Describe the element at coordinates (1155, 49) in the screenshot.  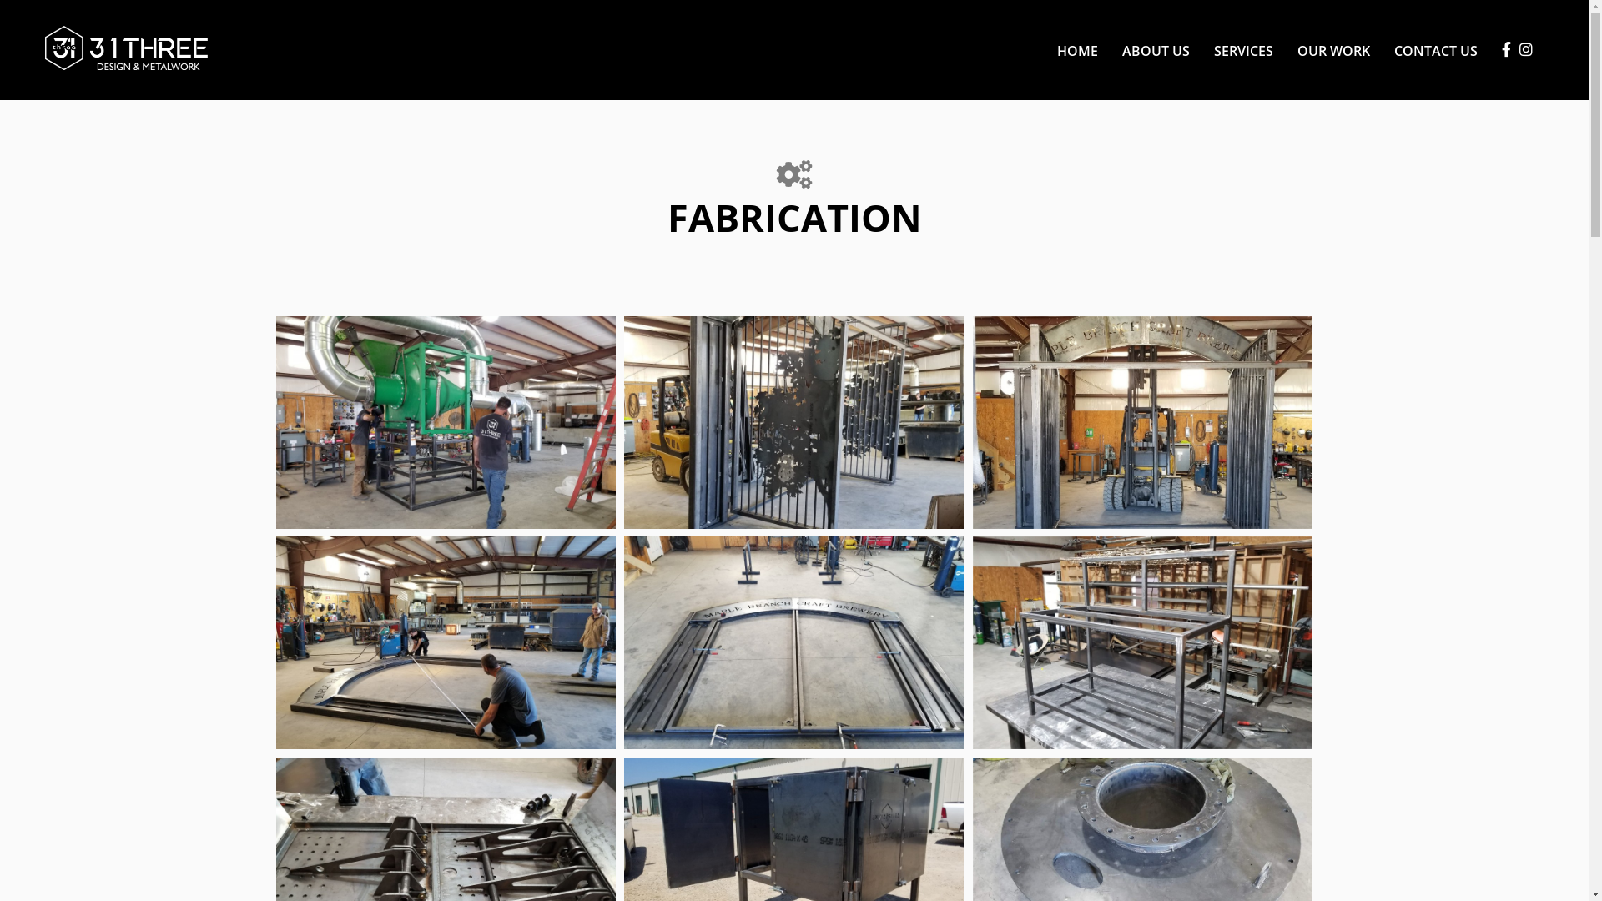
I see `'ABOUT US'` at that location.